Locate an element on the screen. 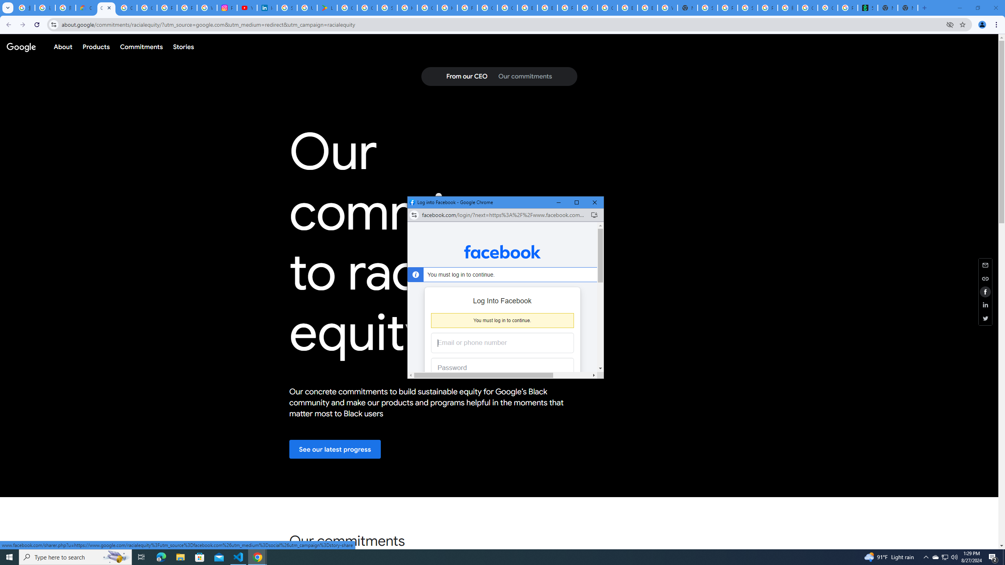 This screenshot has width=1005, height=565. 'Password' is located at coordinates (496, 368).